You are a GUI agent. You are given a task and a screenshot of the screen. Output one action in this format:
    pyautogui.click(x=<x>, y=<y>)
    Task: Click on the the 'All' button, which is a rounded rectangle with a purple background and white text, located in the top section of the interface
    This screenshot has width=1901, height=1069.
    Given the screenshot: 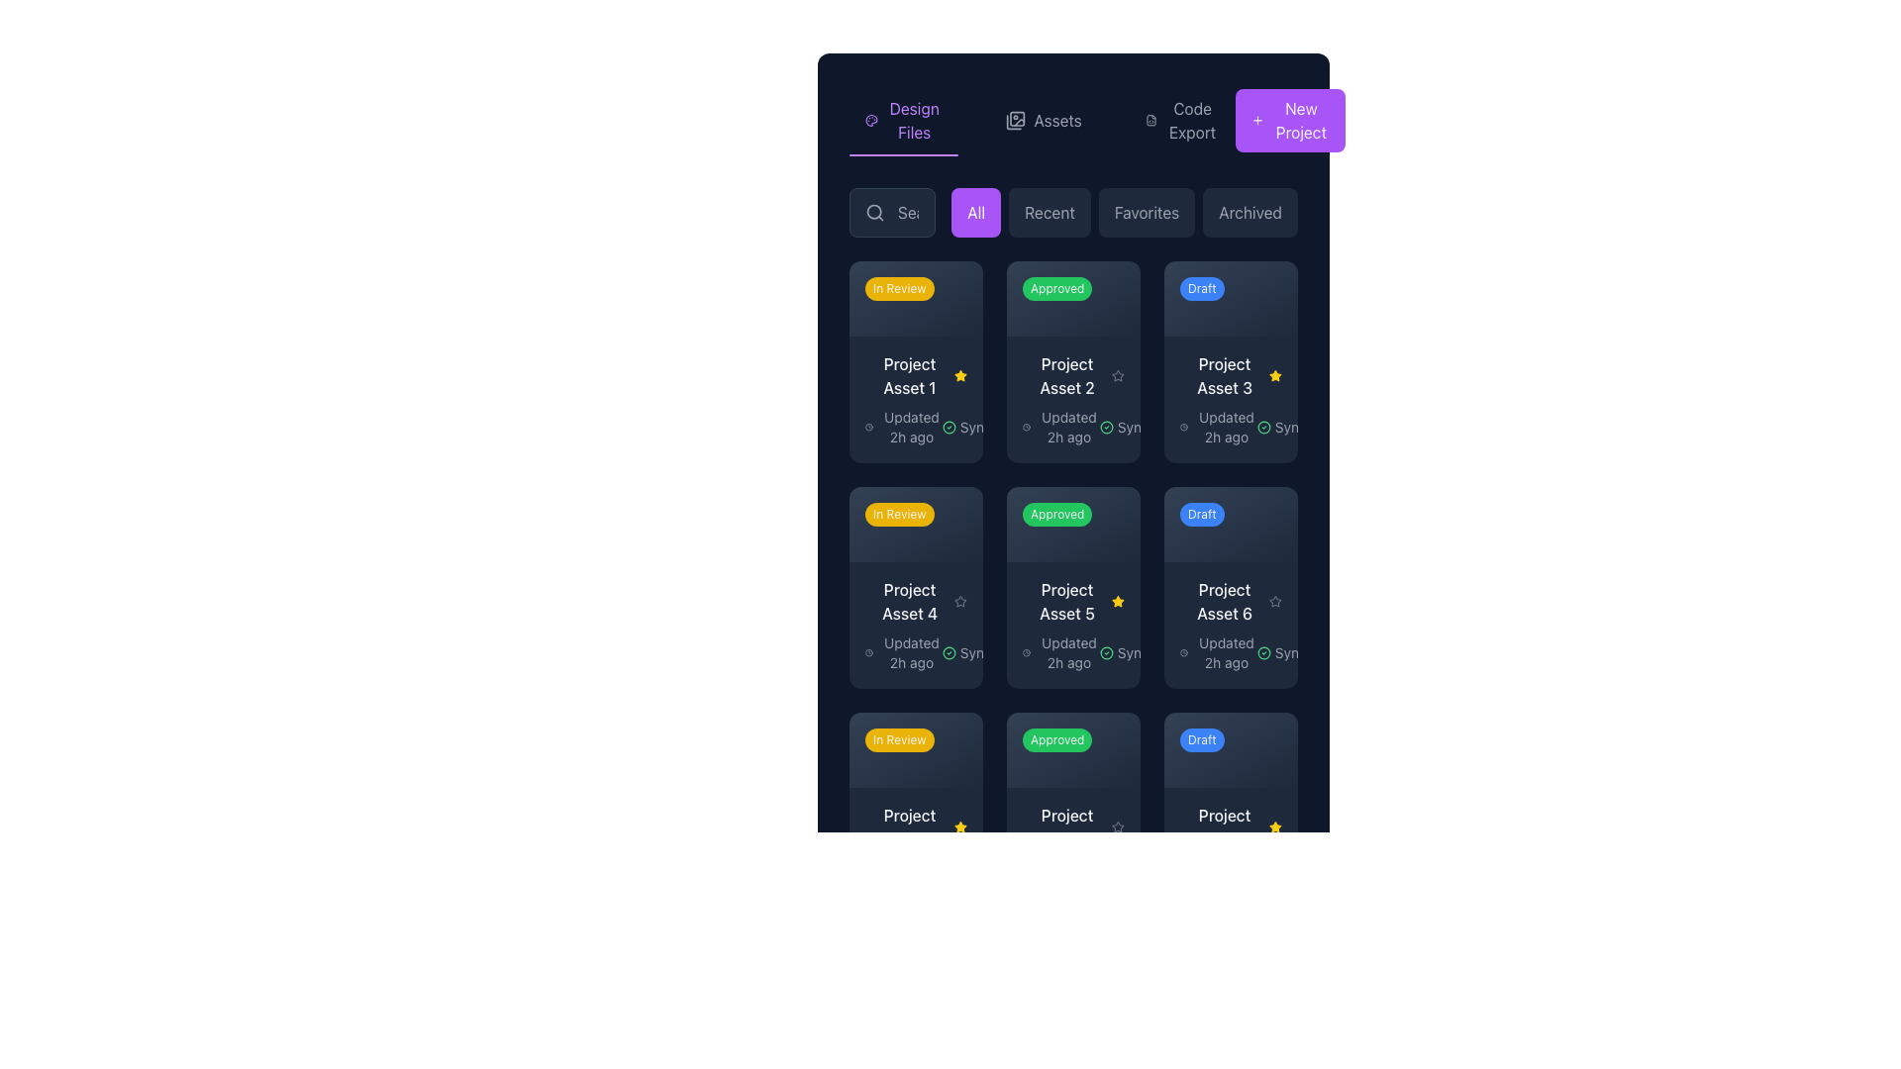 What is the action you would take?
    pyautogui.click(x=976, y=213)
    